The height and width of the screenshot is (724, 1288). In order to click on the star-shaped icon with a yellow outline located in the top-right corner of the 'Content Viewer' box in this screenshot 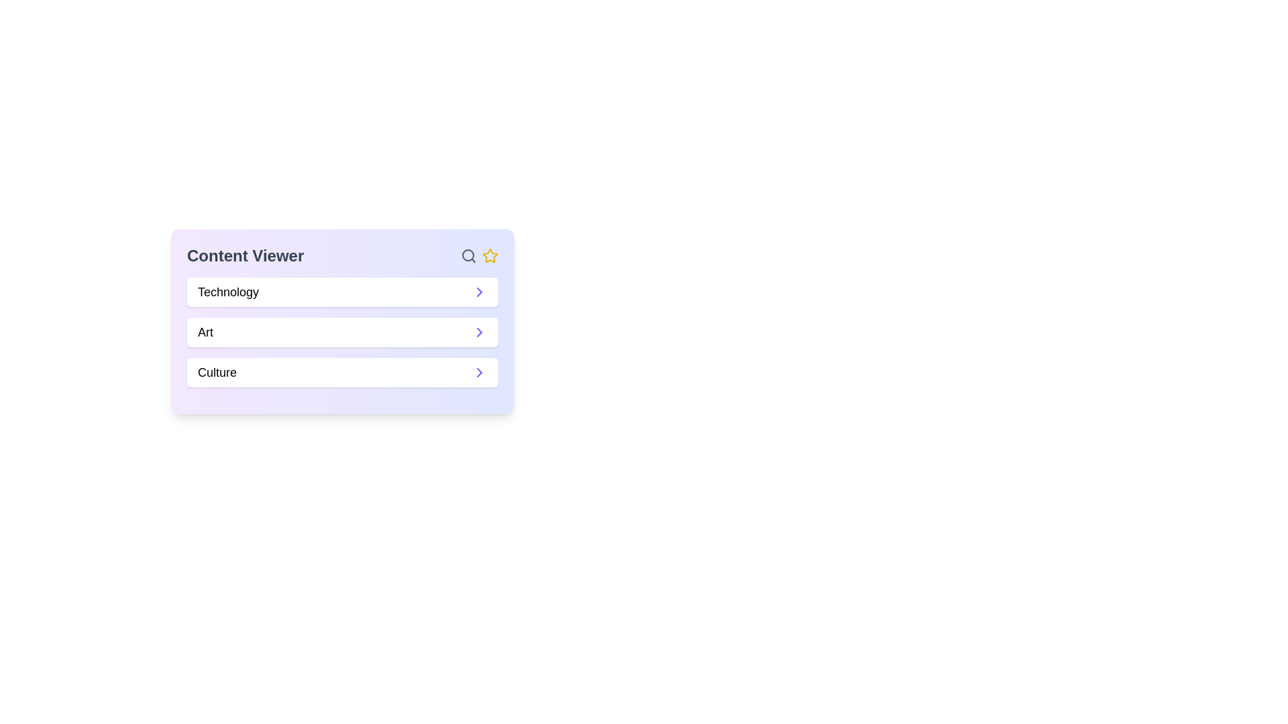, I will do `click(489, 255)`.